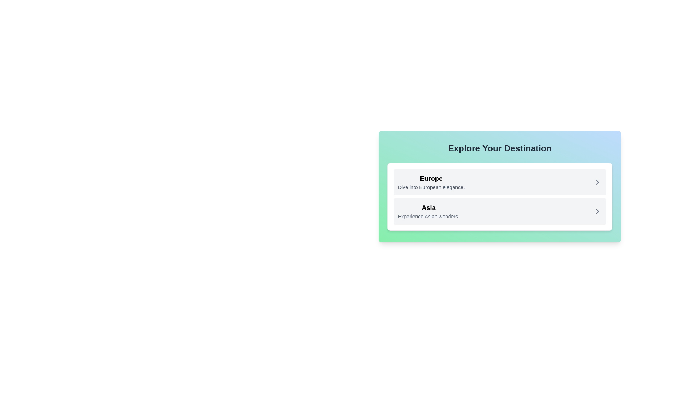 The image size is (699, 393). I want to click on the rightward-pointing chevron icon adjacent to the 'Europe' label, so click(597, 182).